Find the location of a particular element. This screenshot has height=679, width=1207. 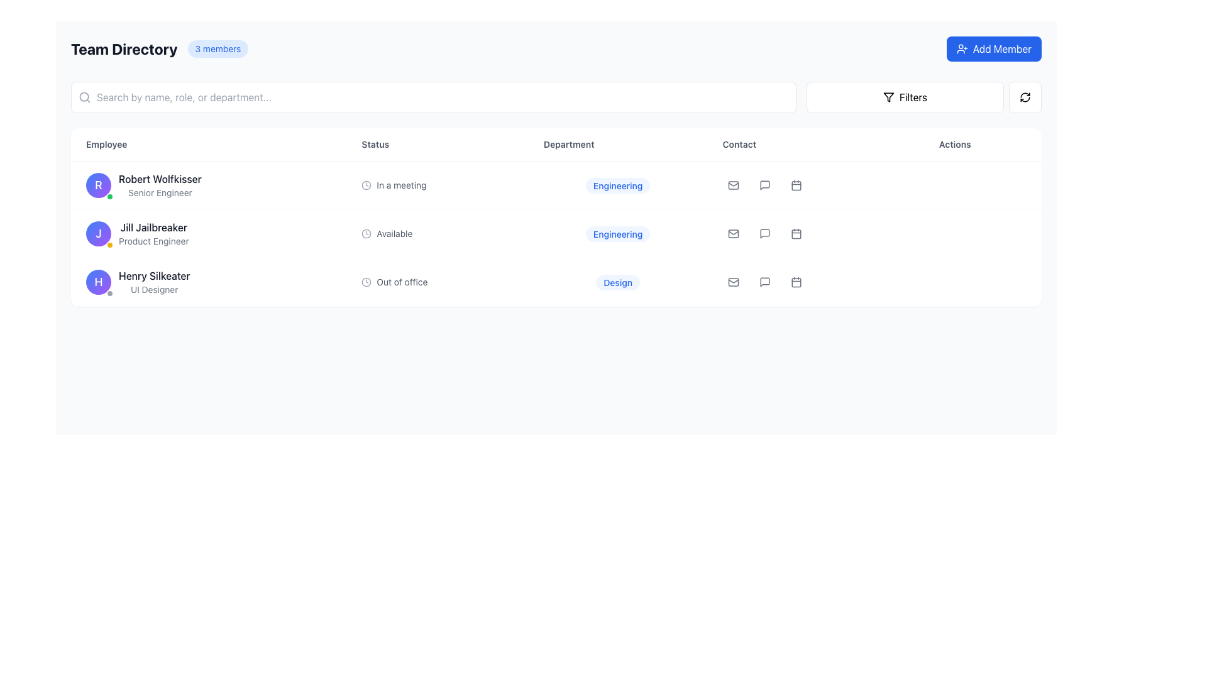

the messaging icon for user 'Jill Jailbreaker' located in the second row of the 'Contact' column is located at coordinates (764, 233).